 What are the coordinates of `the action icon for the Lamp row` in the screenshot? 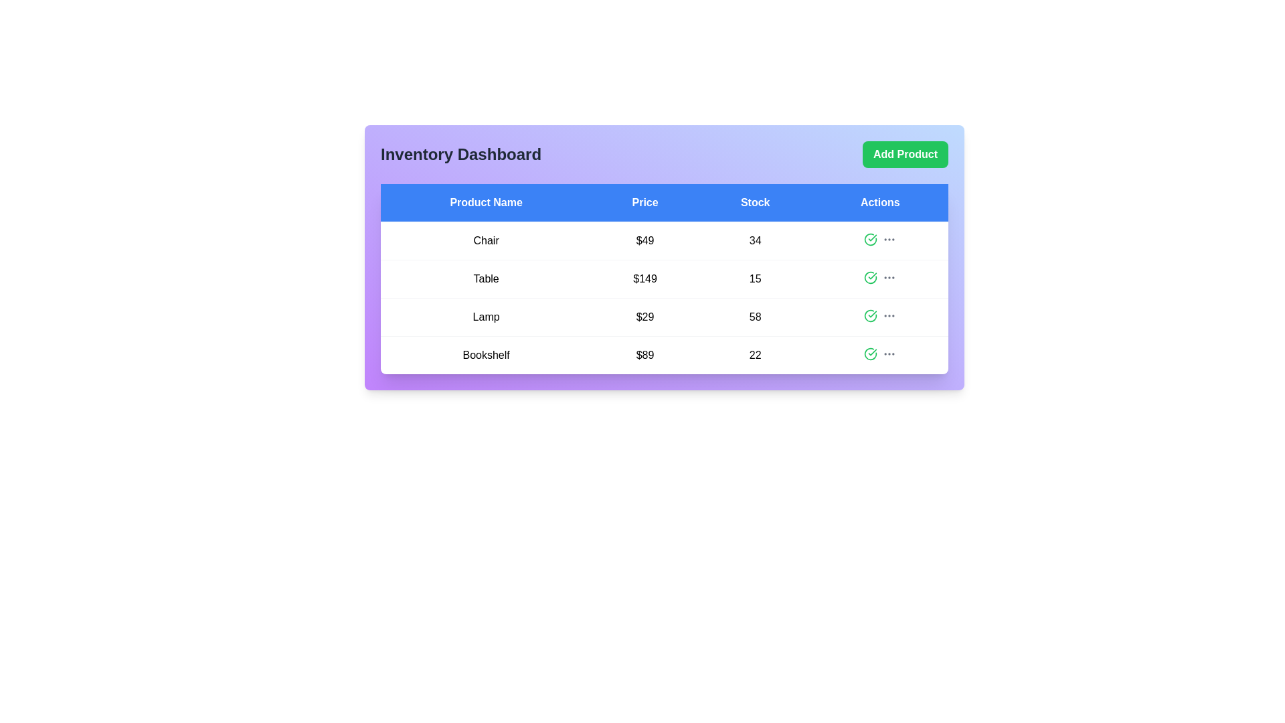 It's located at (870, 315).